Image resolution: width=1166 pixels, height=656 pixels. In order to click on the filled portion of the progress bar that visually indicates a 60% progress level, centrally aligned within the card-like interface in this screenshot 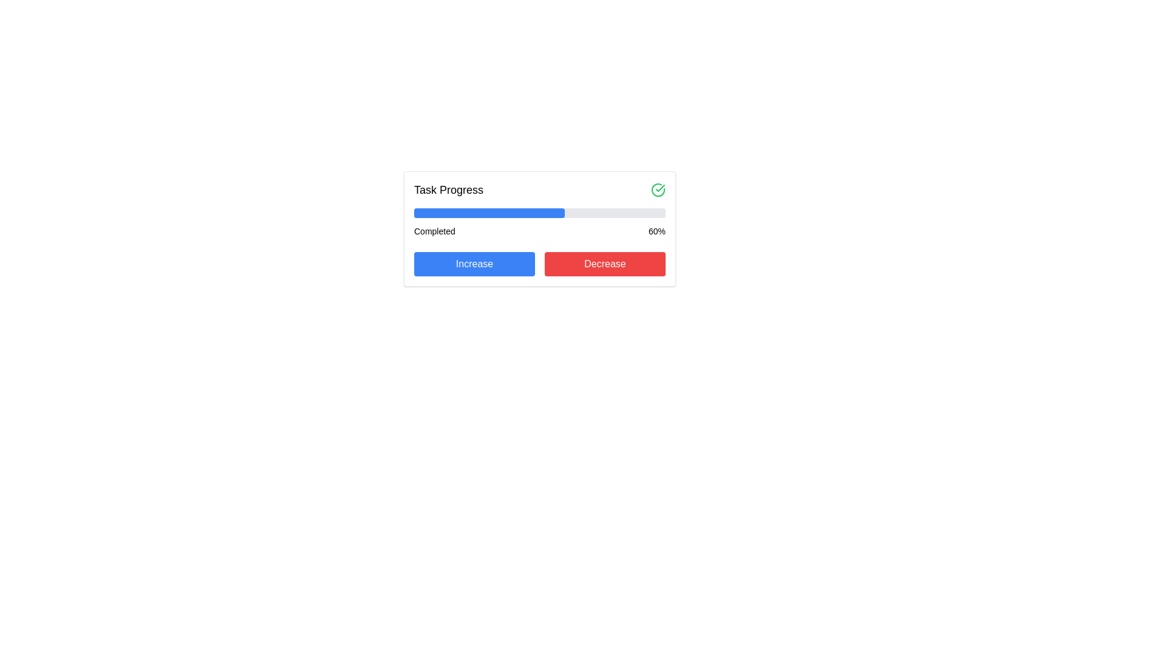, I will do `click(489, 213)`.